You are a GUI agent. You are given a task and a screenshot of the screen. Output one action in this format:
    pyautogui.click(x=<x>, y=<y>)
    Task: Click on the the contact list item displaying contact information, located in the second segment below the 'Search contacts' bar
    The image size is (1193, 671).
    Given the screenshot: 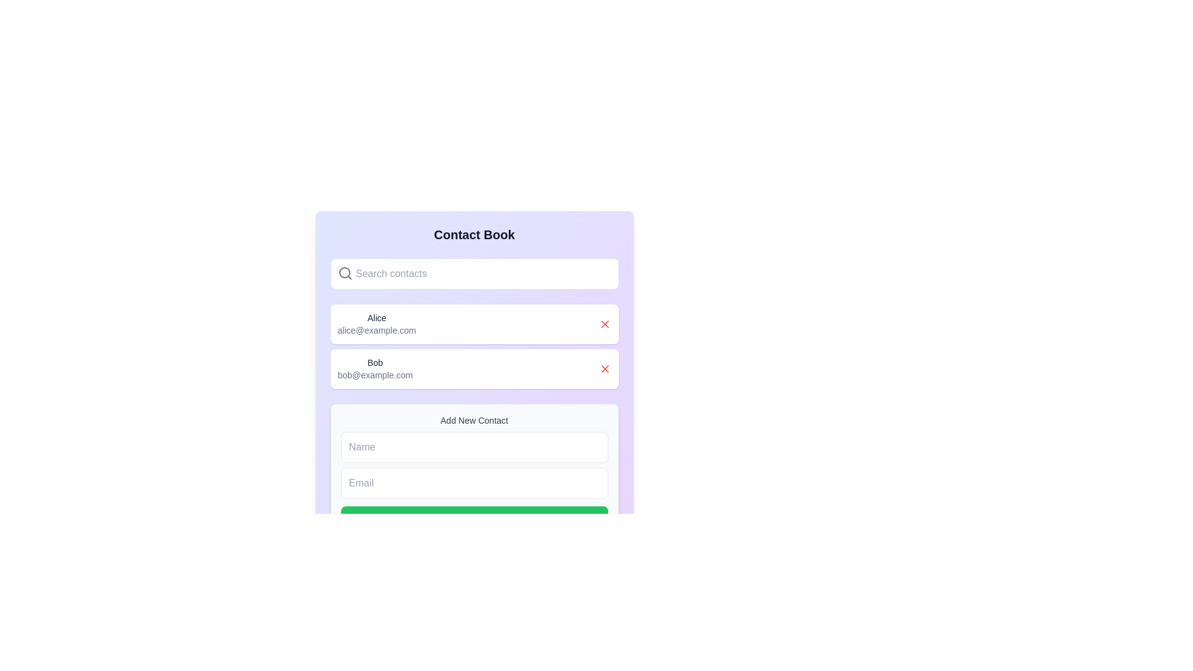 What is the action you would take?
    pyautogui.click(x=375, y=323)
    